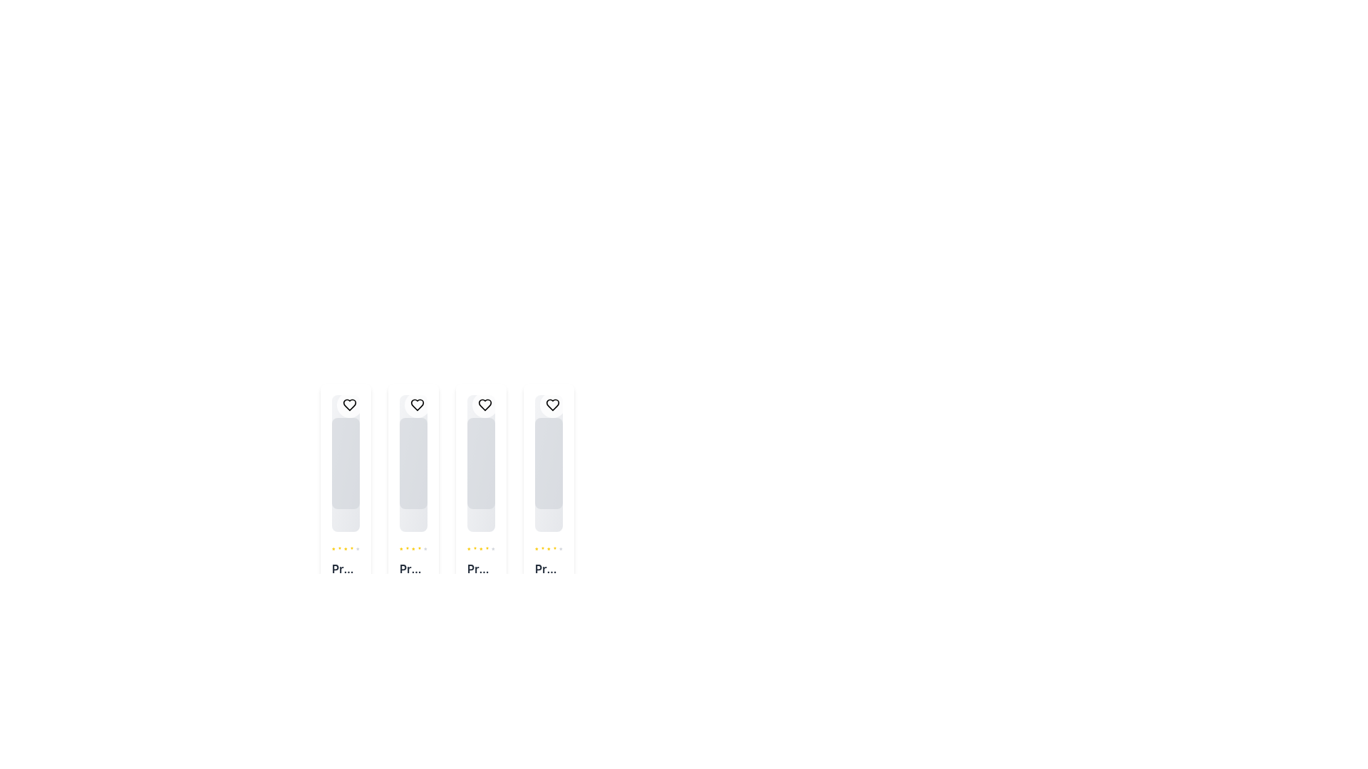  Describe the element at coordinates (548, 511) in the screenshot. I see `the fourth product card in the grid layout` at that location.